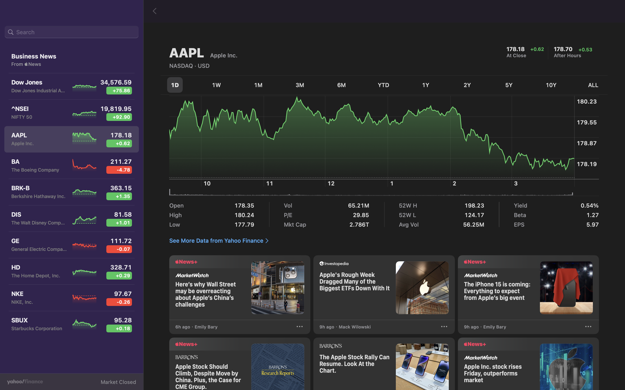  What do you see at coordinates (332, 149) in the screenshot?
I see `Check the stock fluctuations at 12 pm` at bounding box center [332, 149].